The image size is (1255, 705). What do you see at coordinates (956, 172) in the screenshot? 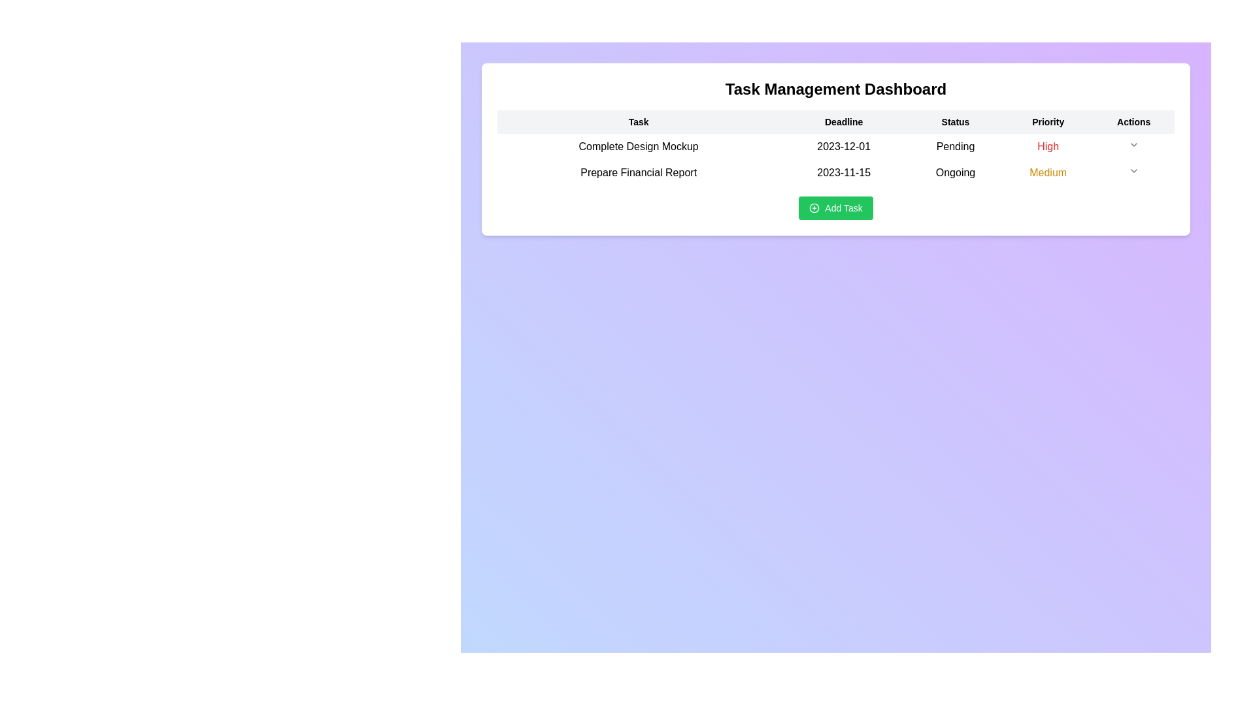
I see `the 'Ongoing' status text label located in the 'Status' column of the second row in the task list table, which is aligned with the 'Prepare Financial Report' task` at bounding box center [956, 172].